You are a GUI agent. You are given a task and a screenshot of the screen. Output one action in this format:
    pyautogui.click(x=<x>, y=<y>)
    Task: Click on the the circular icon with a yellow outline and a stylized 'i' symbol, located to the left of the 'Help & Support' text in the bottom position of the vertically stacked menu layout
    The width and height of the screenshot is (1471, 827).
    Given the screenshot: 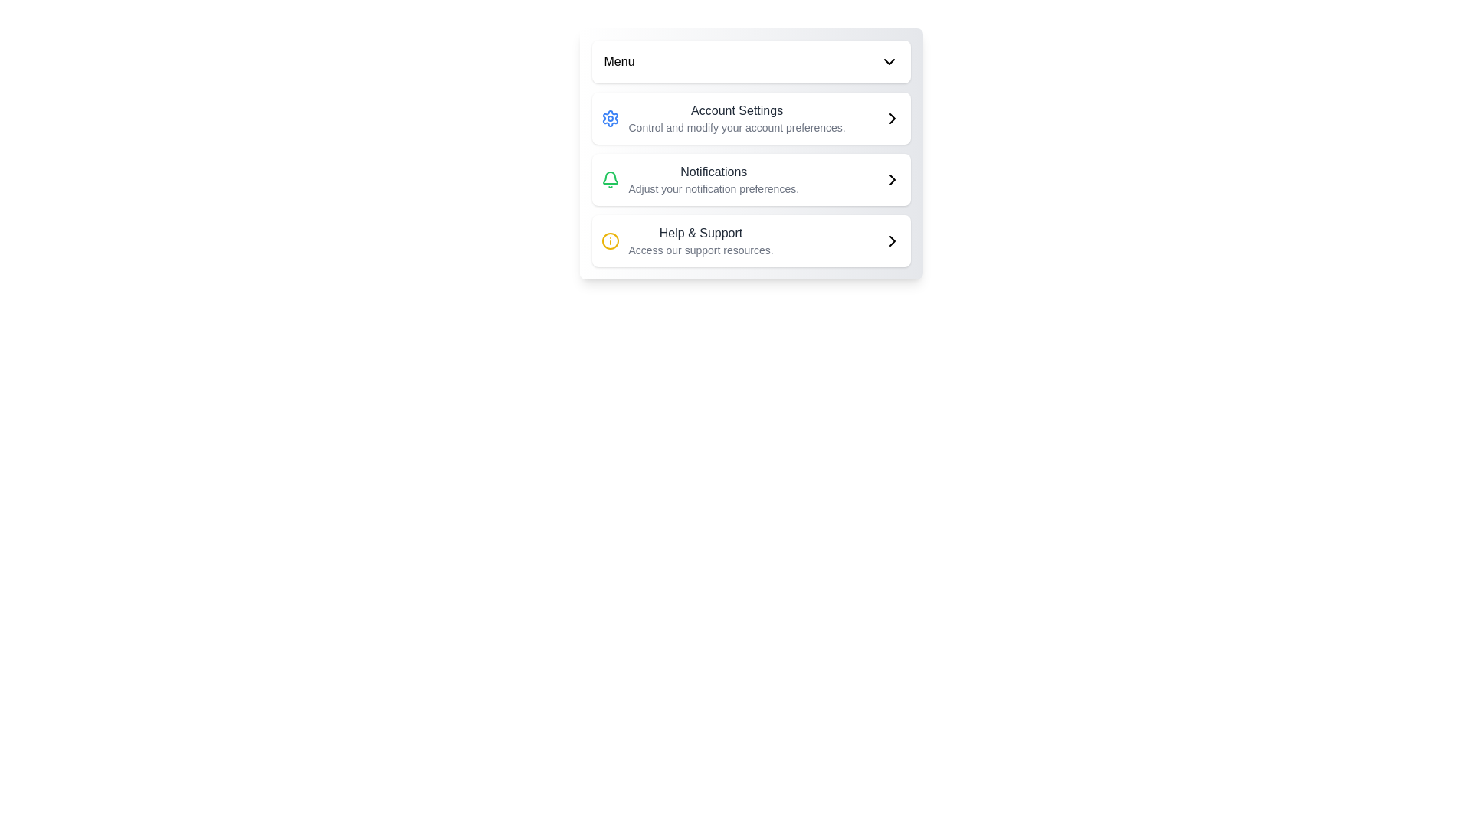 What is the action you would take?
    pyautogui.click(x=609, y=241)
    